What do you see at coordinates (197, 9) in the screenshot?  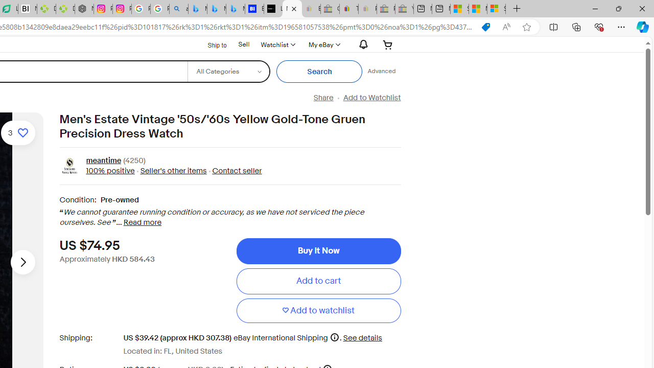 I see `'Microsoft Bing Travel - Flights from Hong Kong to Bangkok'` at bounding box center [197, 9].